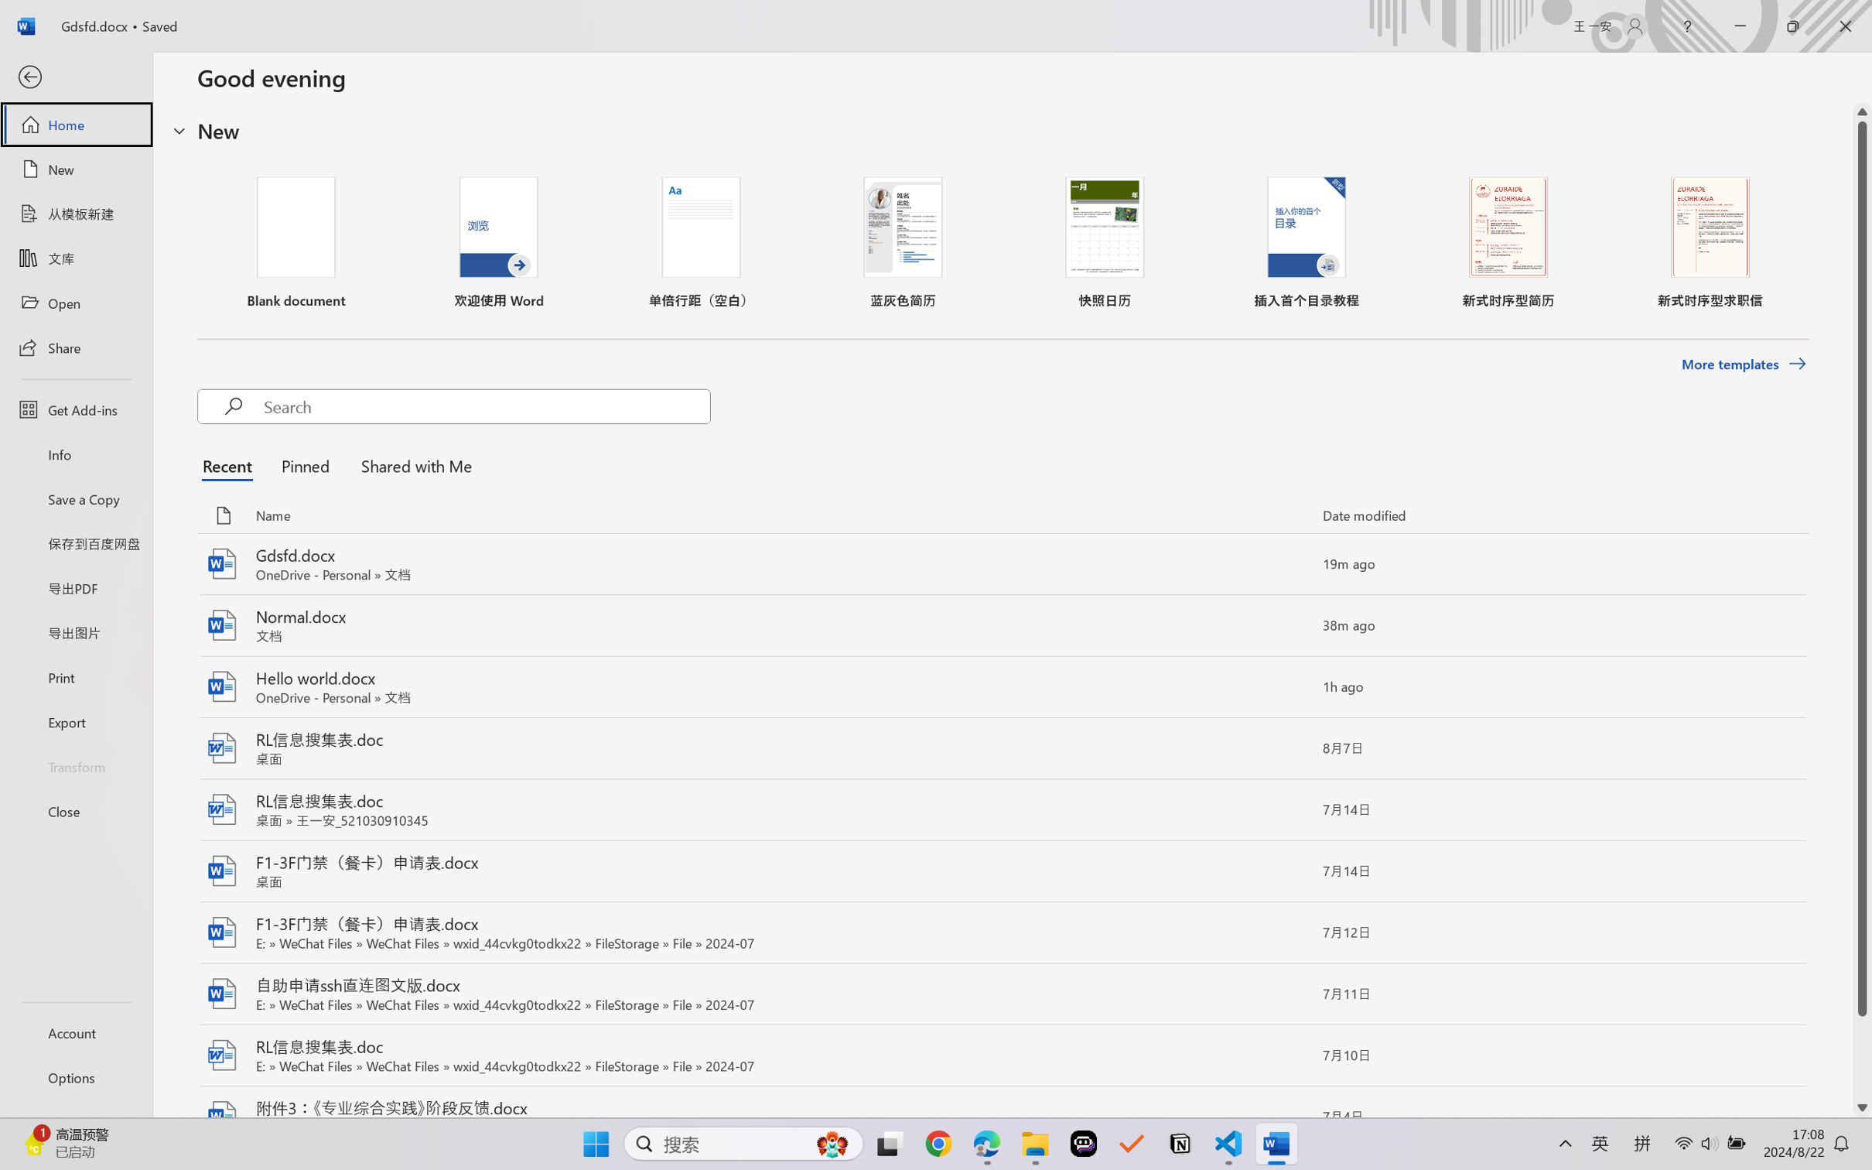 The width and height of the screenshot is (1872, 1170). I want to click on 'Get Add-ins', so click(75, 409).